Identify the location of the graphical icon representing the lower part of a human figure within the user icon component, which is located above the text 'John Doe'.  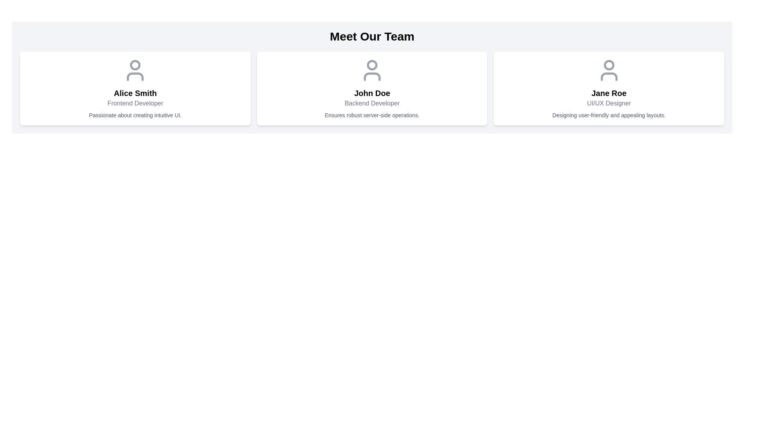
(372, 77).